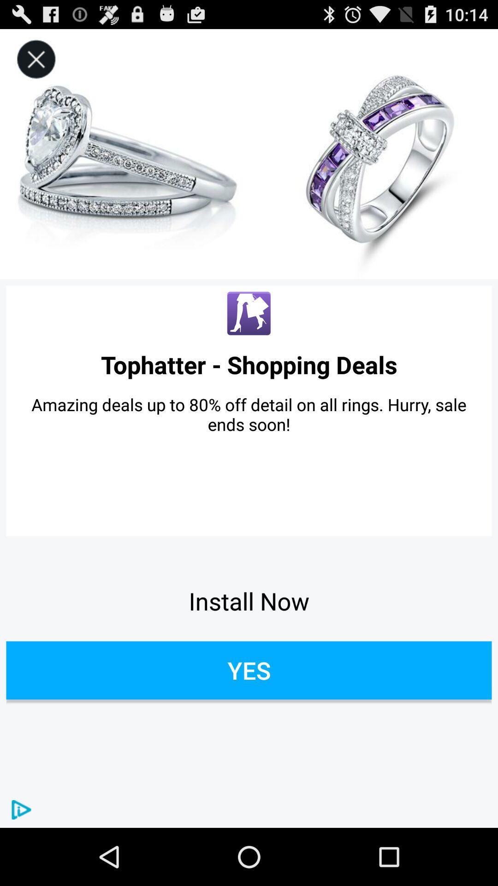  I want to click on the tophatter - shopping deals icon, so click(249, 364).